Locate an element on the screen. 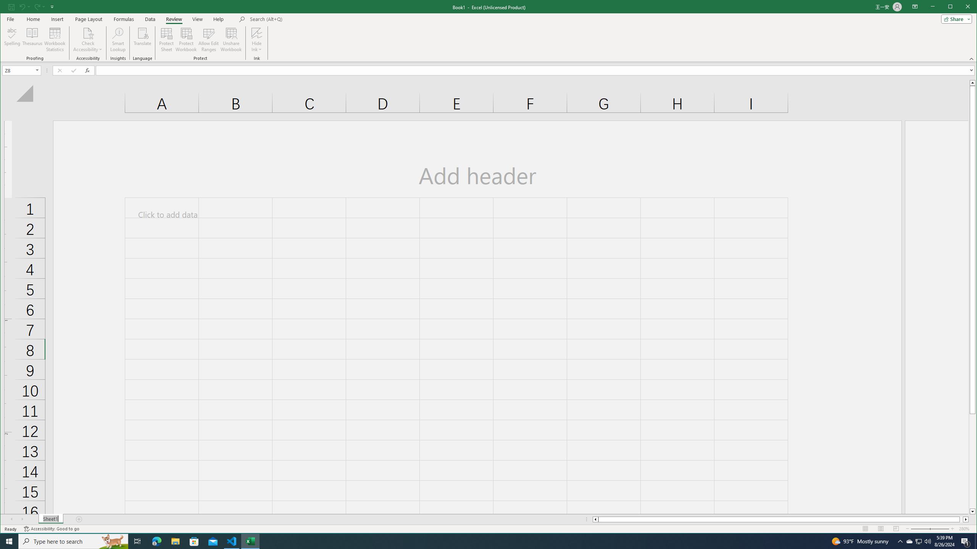 The height and width of the screenshot is (549, 977). 'Page right' is located at coordinates (961, 519).